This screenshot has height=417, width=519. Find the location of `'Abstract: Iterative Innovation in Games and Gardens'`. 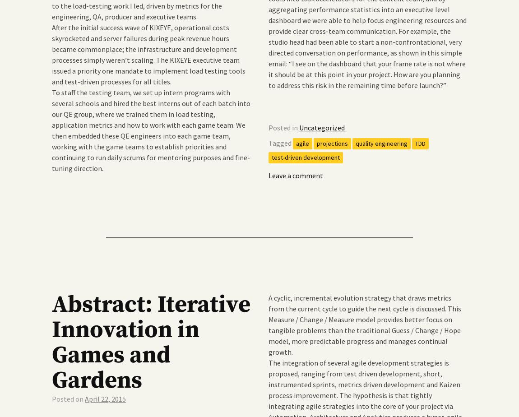

'Abstract: Iterative Innovation in Games and Gardens' is located at coordinates (151, 342).